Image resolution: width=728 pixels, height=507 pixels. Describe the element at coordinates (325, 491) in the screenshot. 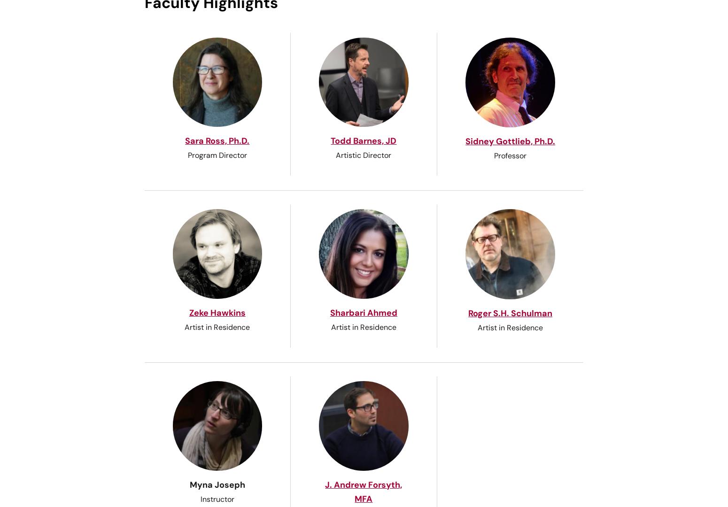

I see `'J. Andrew Forsyth, MFA'` at that location.